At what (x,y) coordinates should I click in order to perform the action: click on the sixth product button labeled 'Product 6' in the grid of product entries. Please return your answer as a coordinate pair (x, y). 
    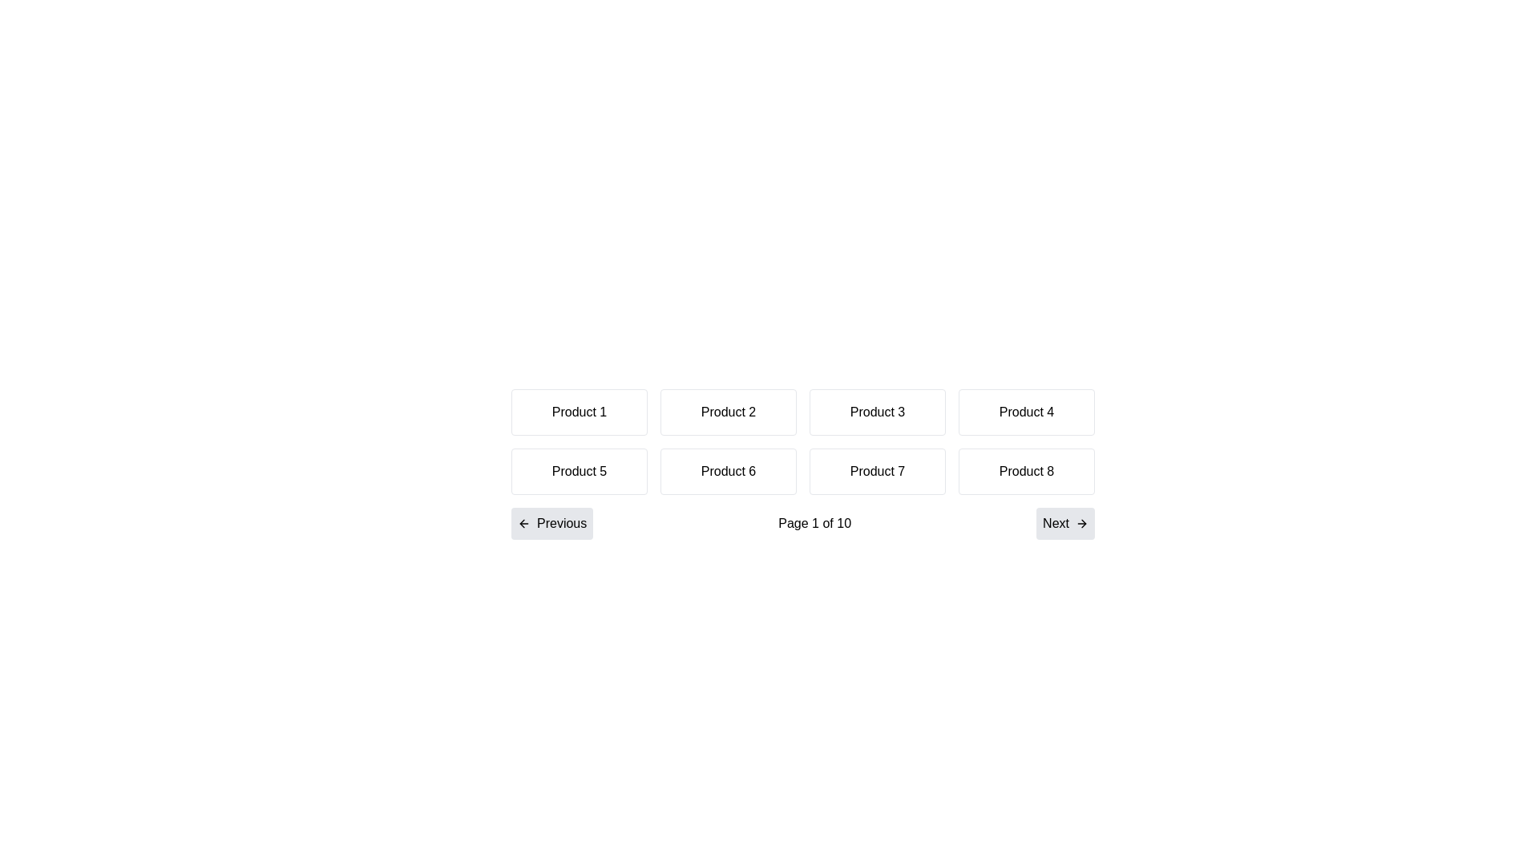
    Looking at the image, I should click on (803, 464).